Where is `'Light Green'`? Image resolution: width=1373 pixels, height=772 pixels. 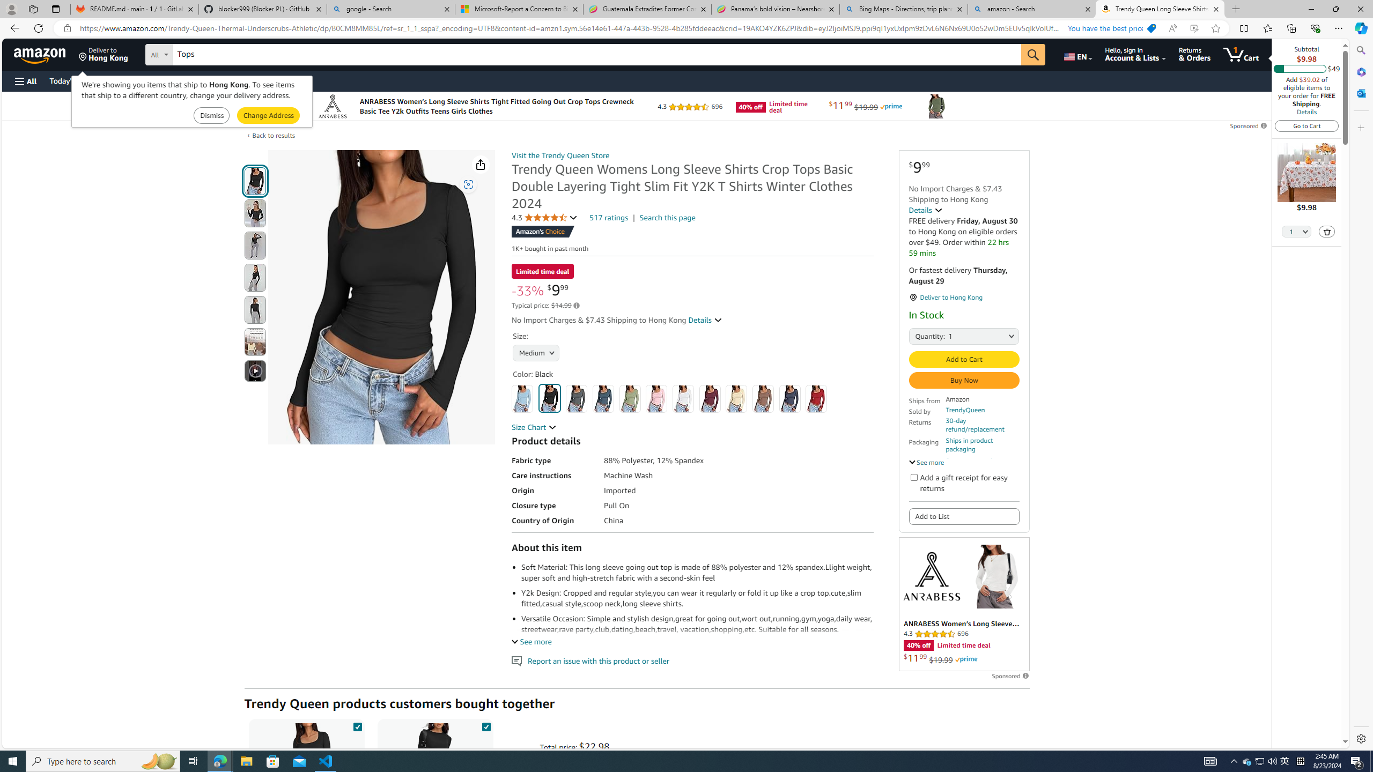
'Light Green' is located at coordinates (629, 398).